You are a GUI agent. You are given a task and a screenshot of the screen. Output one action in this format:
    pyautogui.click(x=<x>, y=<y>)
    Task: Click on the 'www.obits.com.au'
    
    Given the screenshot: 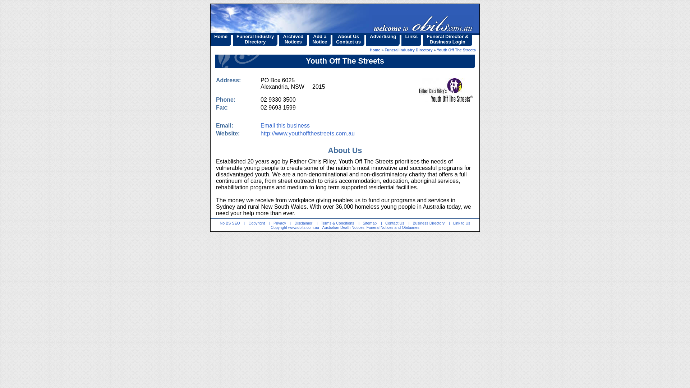 What is the action you would take?
    pyautogui.click(x=303, y=227)
    